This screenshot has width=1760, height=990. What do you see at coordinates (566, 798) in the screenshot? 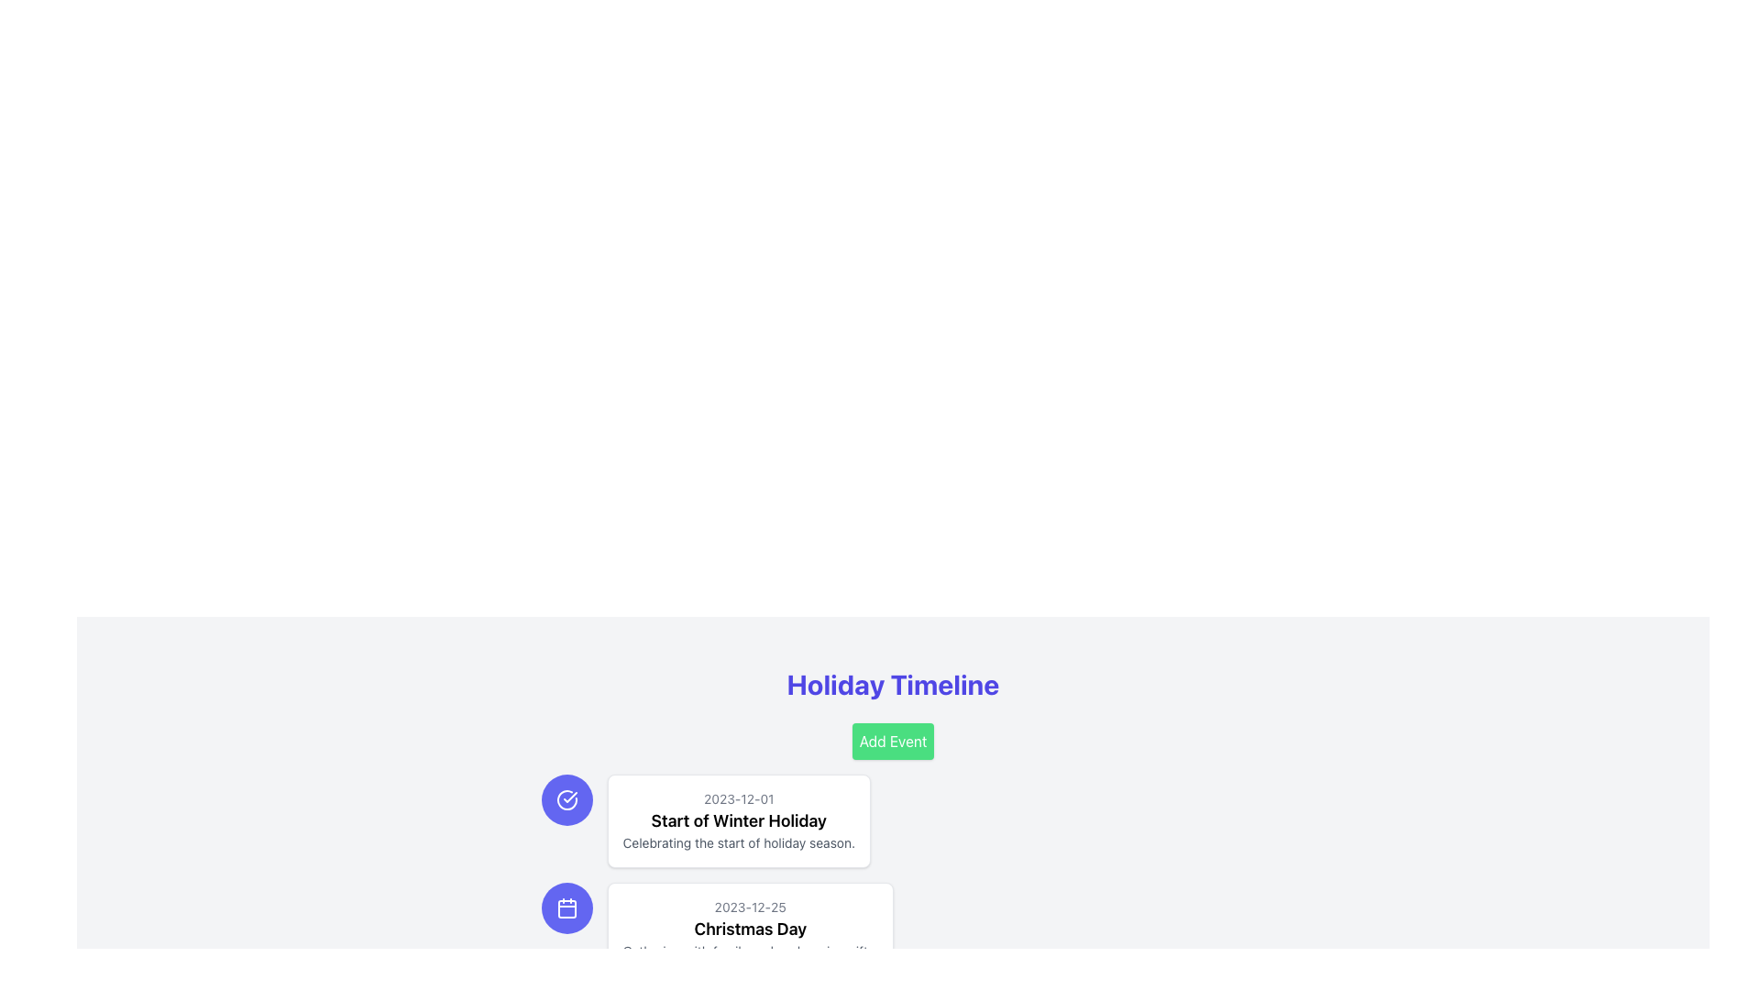
I see `the circular icon with a checkmark, styled with a purple background and white border, associated with the 'Start of Winter Holiday' timeline item for further interaction` at bounding box center [566, 798].